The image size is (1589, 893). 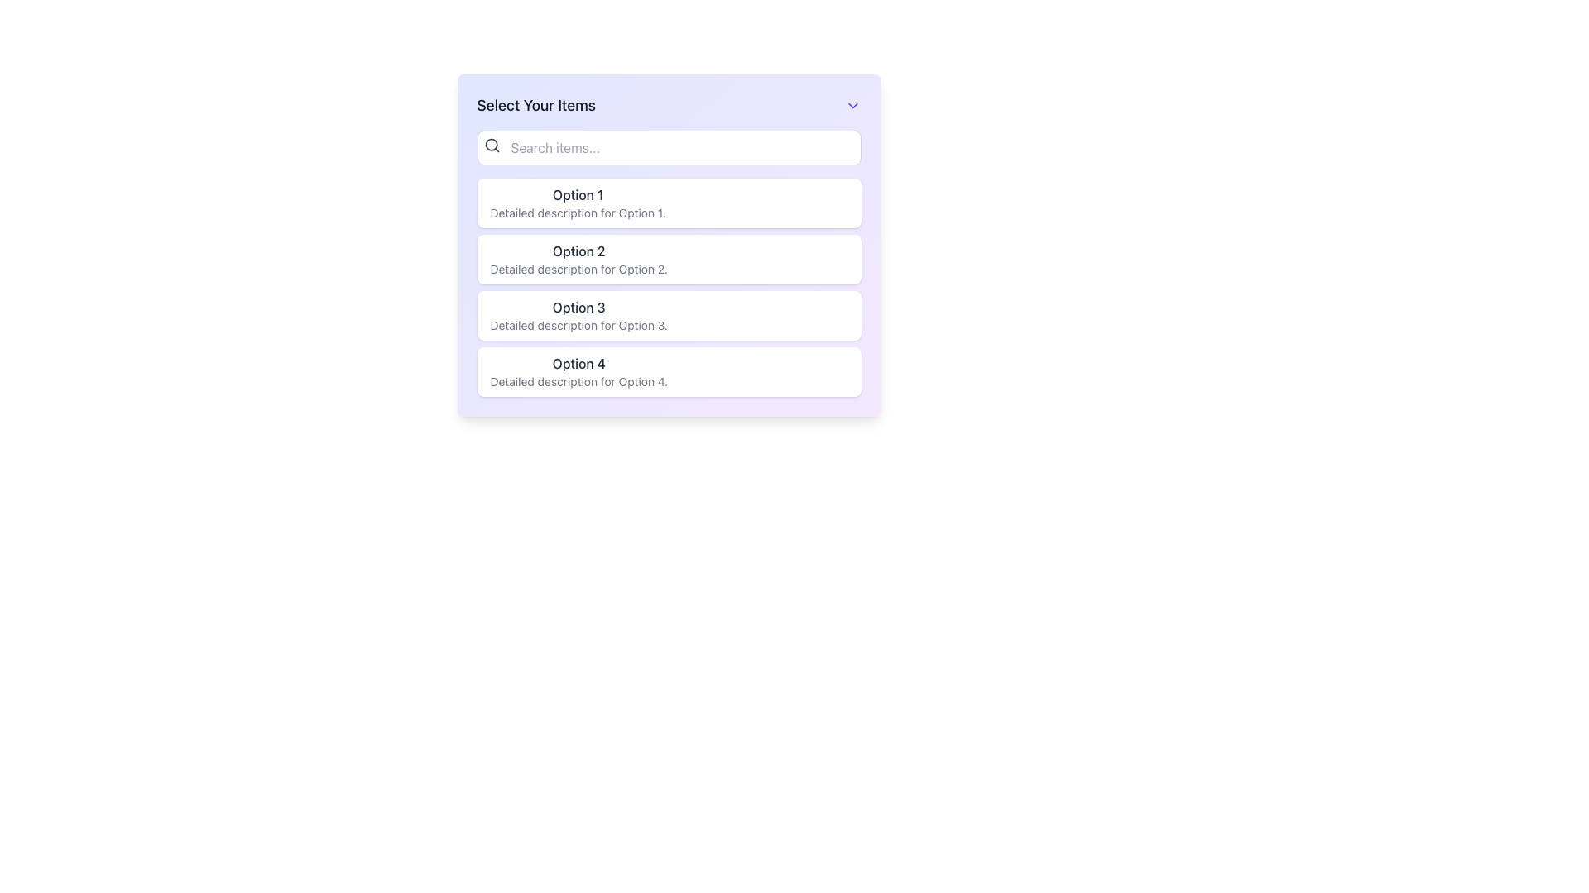 I want to click on the text label that identifies the third selectable option in the list under 'Select Your Items.' This text label is non-interactive and serves to distinguish this entry, so click(x=578, y=307).